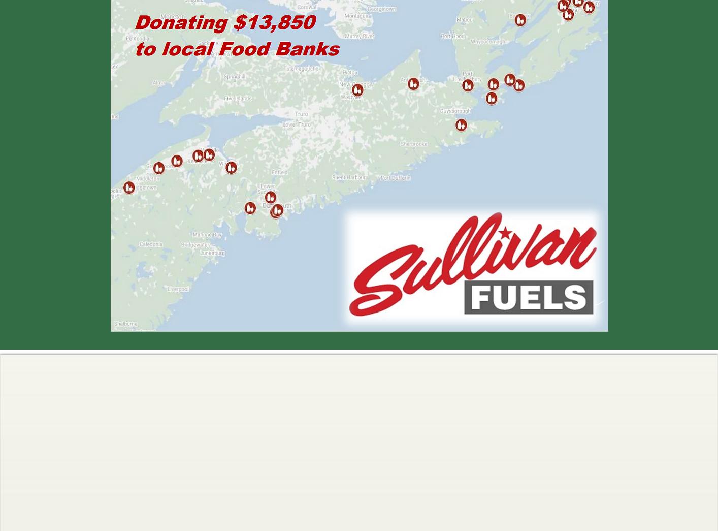 The width and height of the screenshot is (718, 531). Describe the element at coordinates (517, 414) in the screenshot. I see `'info@cozyfuels.com'` at that location.